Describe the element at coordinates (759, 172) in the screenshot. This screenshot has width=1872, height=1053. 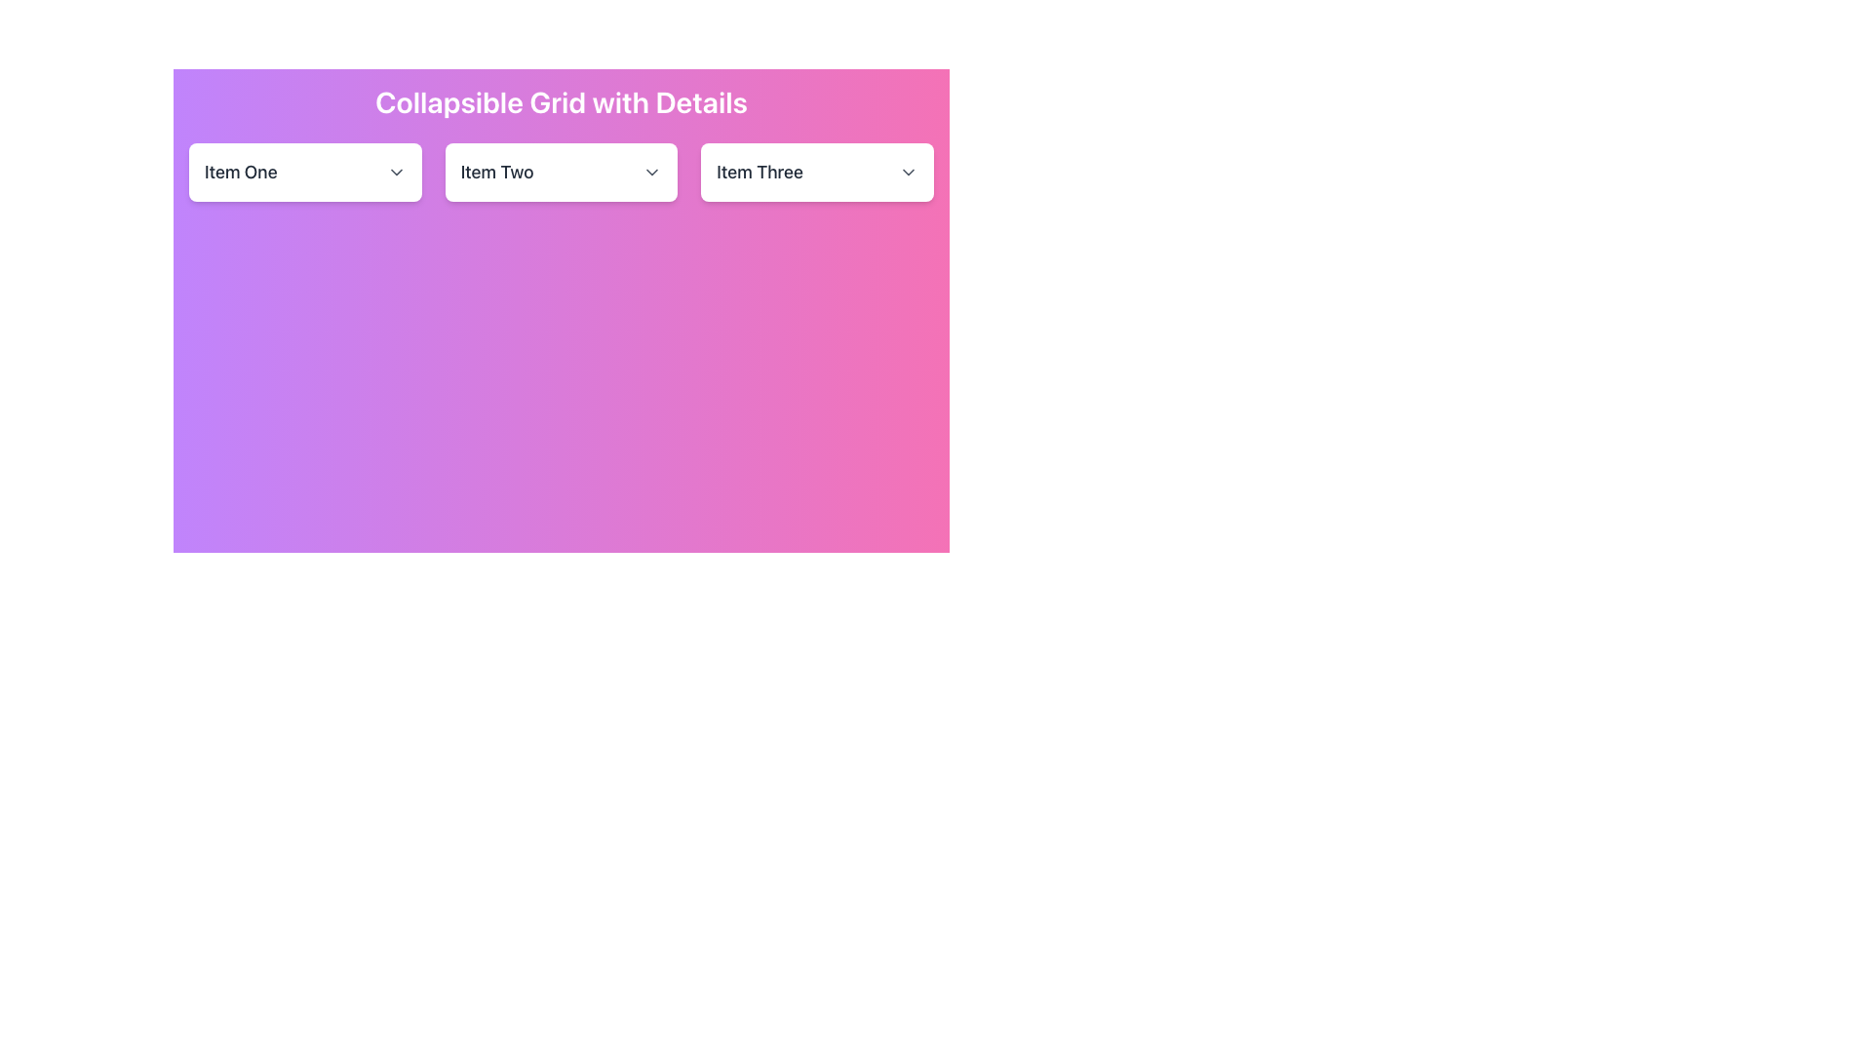
I see `the dropdown associated with the text label 'Item Three', which is styled in bold dark gray on a gradient pink to purple background, located in the third group on the top right side of the interface` at that location.